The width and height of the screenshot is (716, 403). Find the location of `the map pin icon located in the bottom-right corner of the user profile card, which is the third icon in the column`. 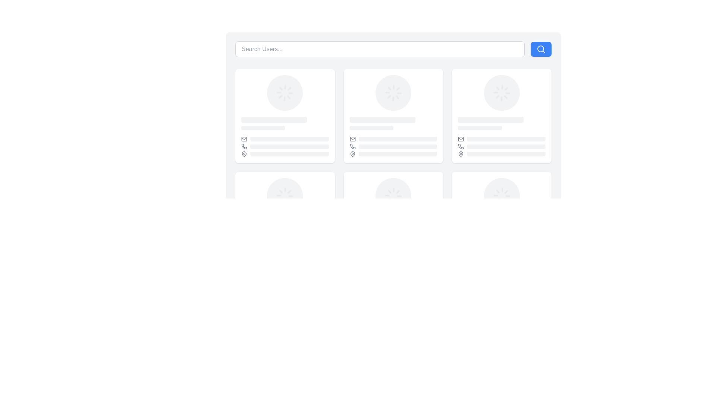

the map pin icon located in the bottom-right corner of the user profile card, which is the third icon in the column is located at coordinates (461, 153).